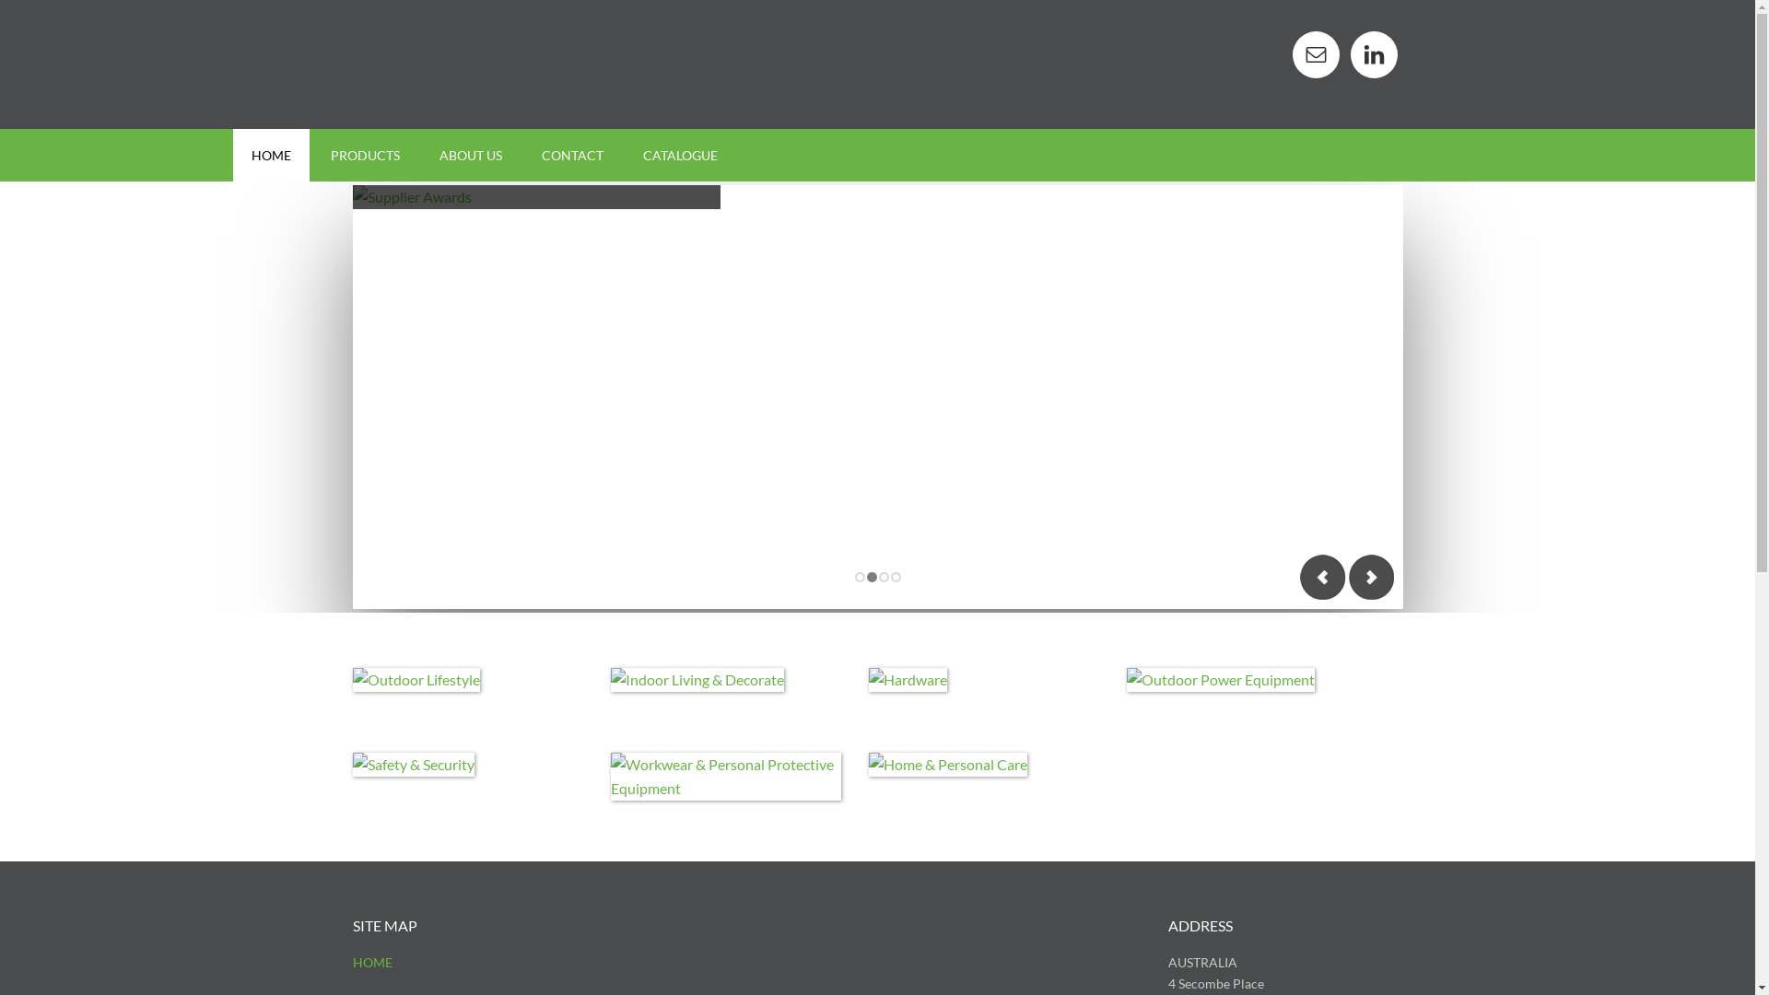 The width and height of the screenshot is (1769, 995). I want to click on 'CATALOGUE', so click(679, 154).